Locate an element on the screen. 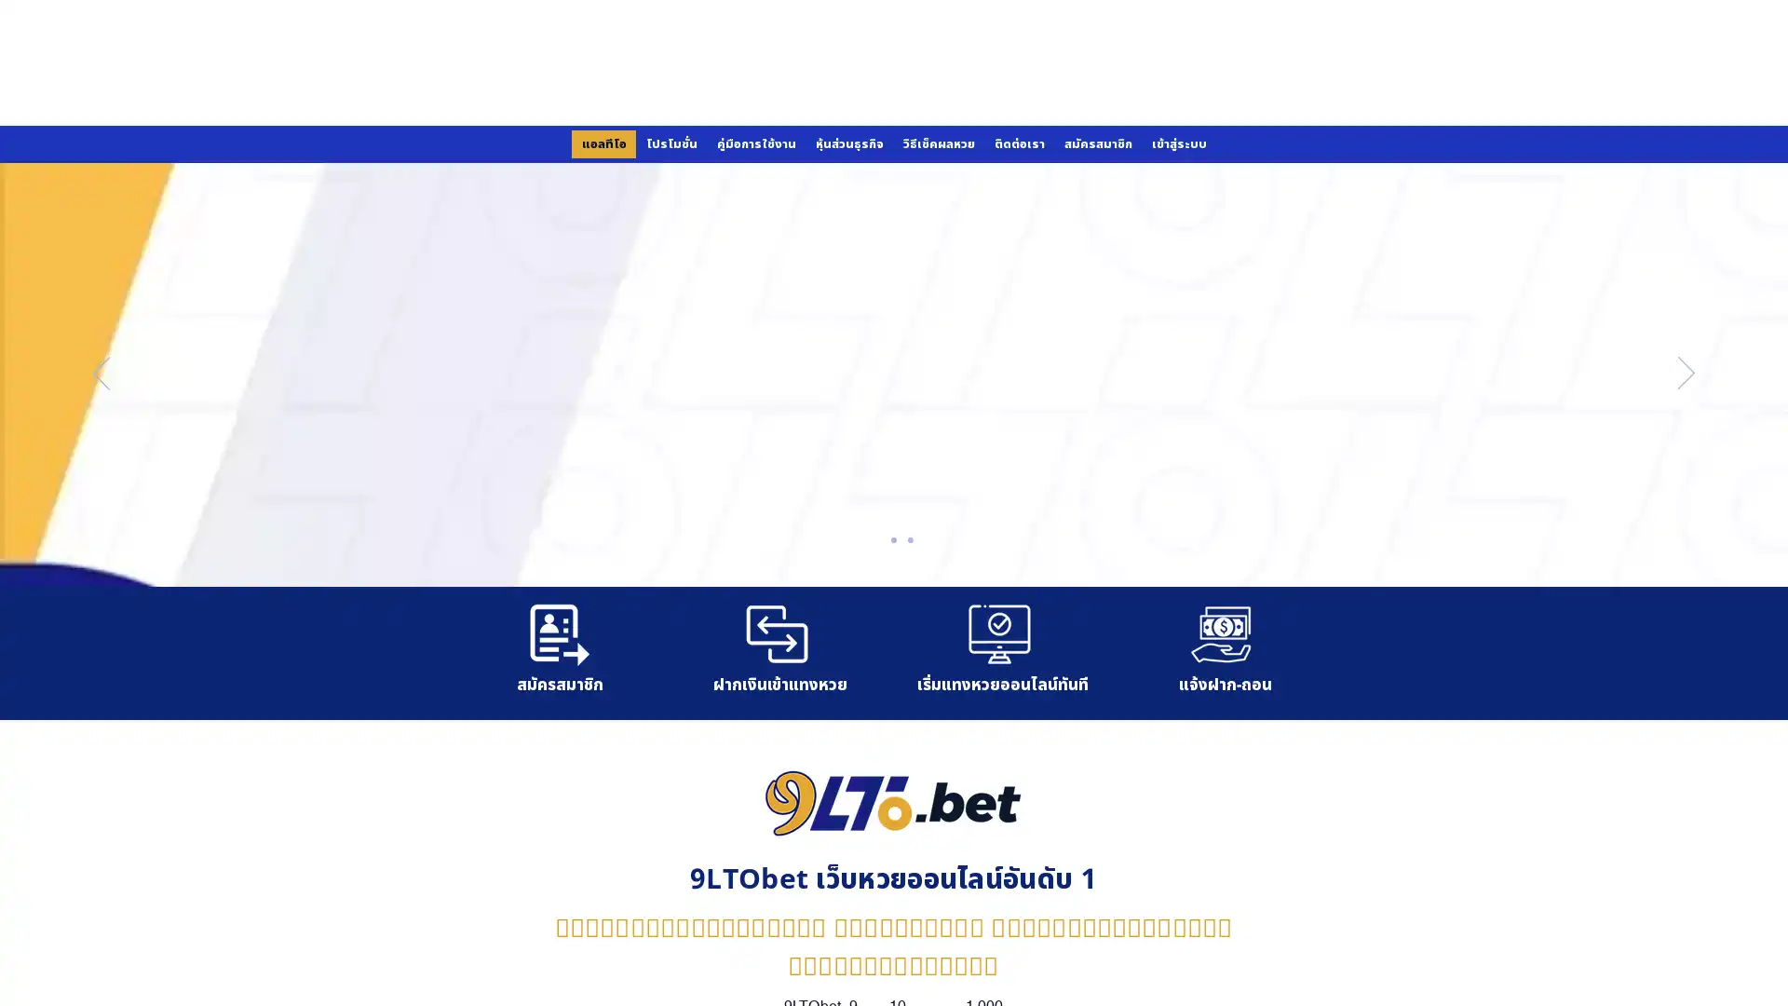 The image size is (1788, 1006). Previous is located at coordinates (101, 374).